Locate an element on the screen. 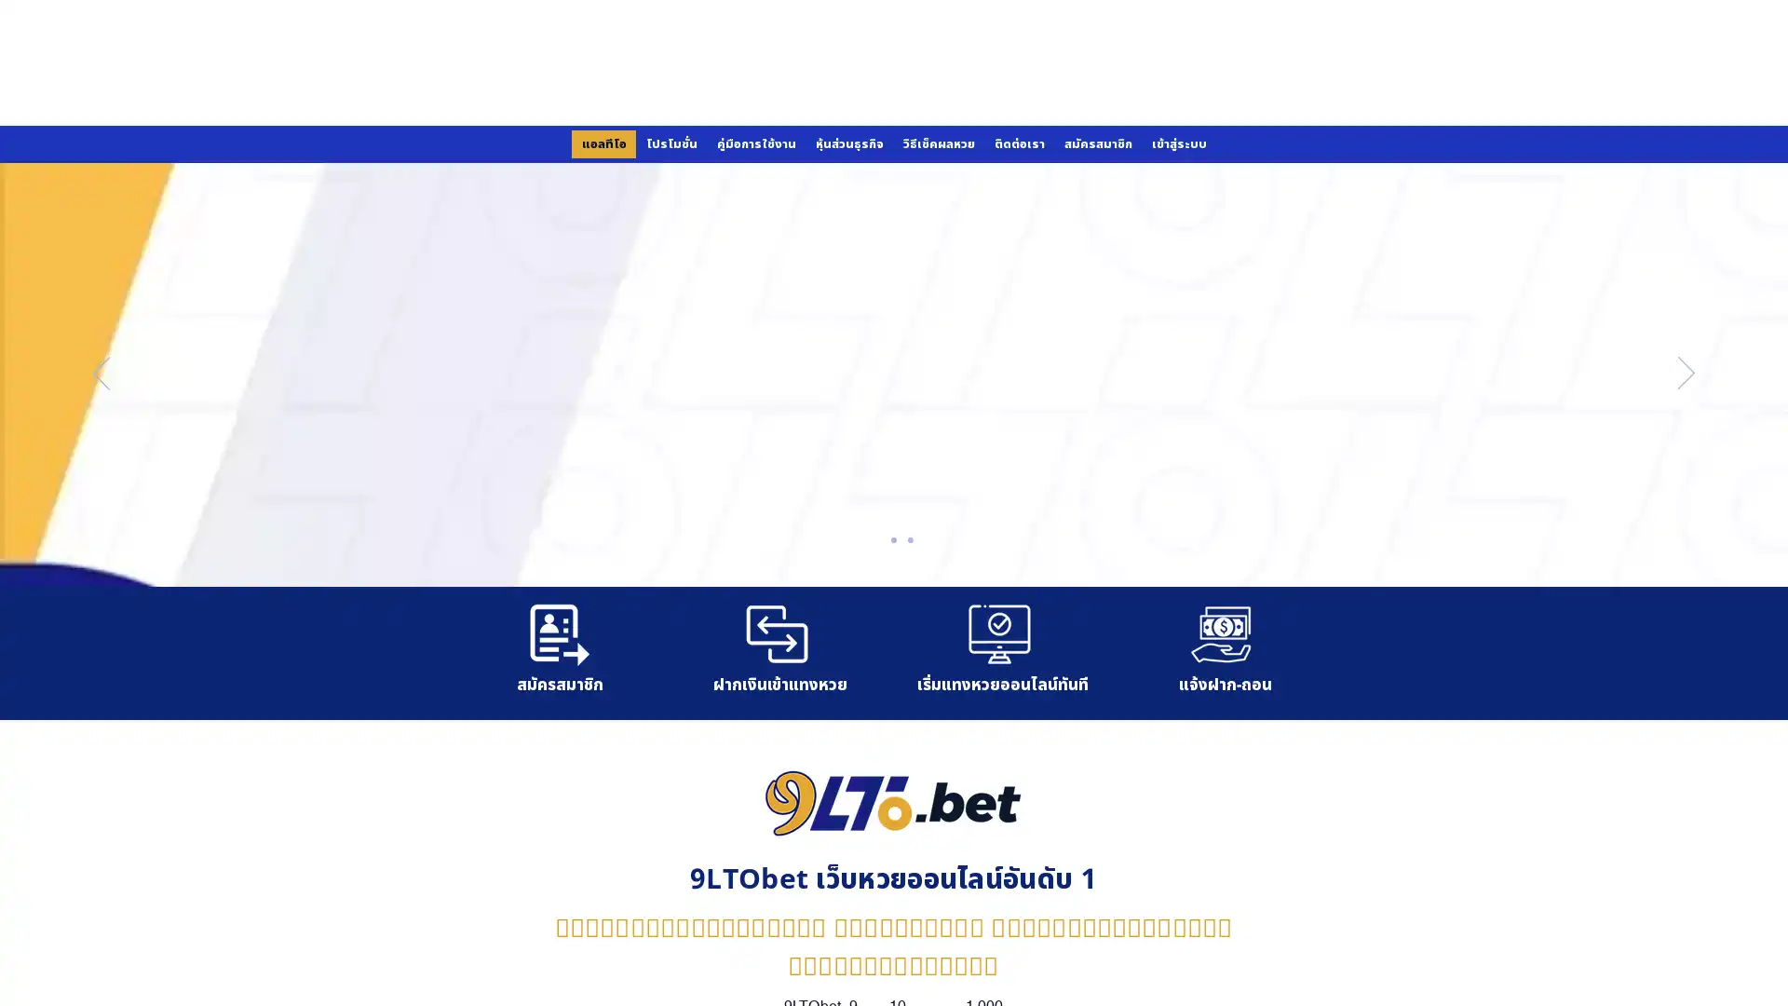 The image size is (1788, 1006). Previous is located at coordinates (101, 374).